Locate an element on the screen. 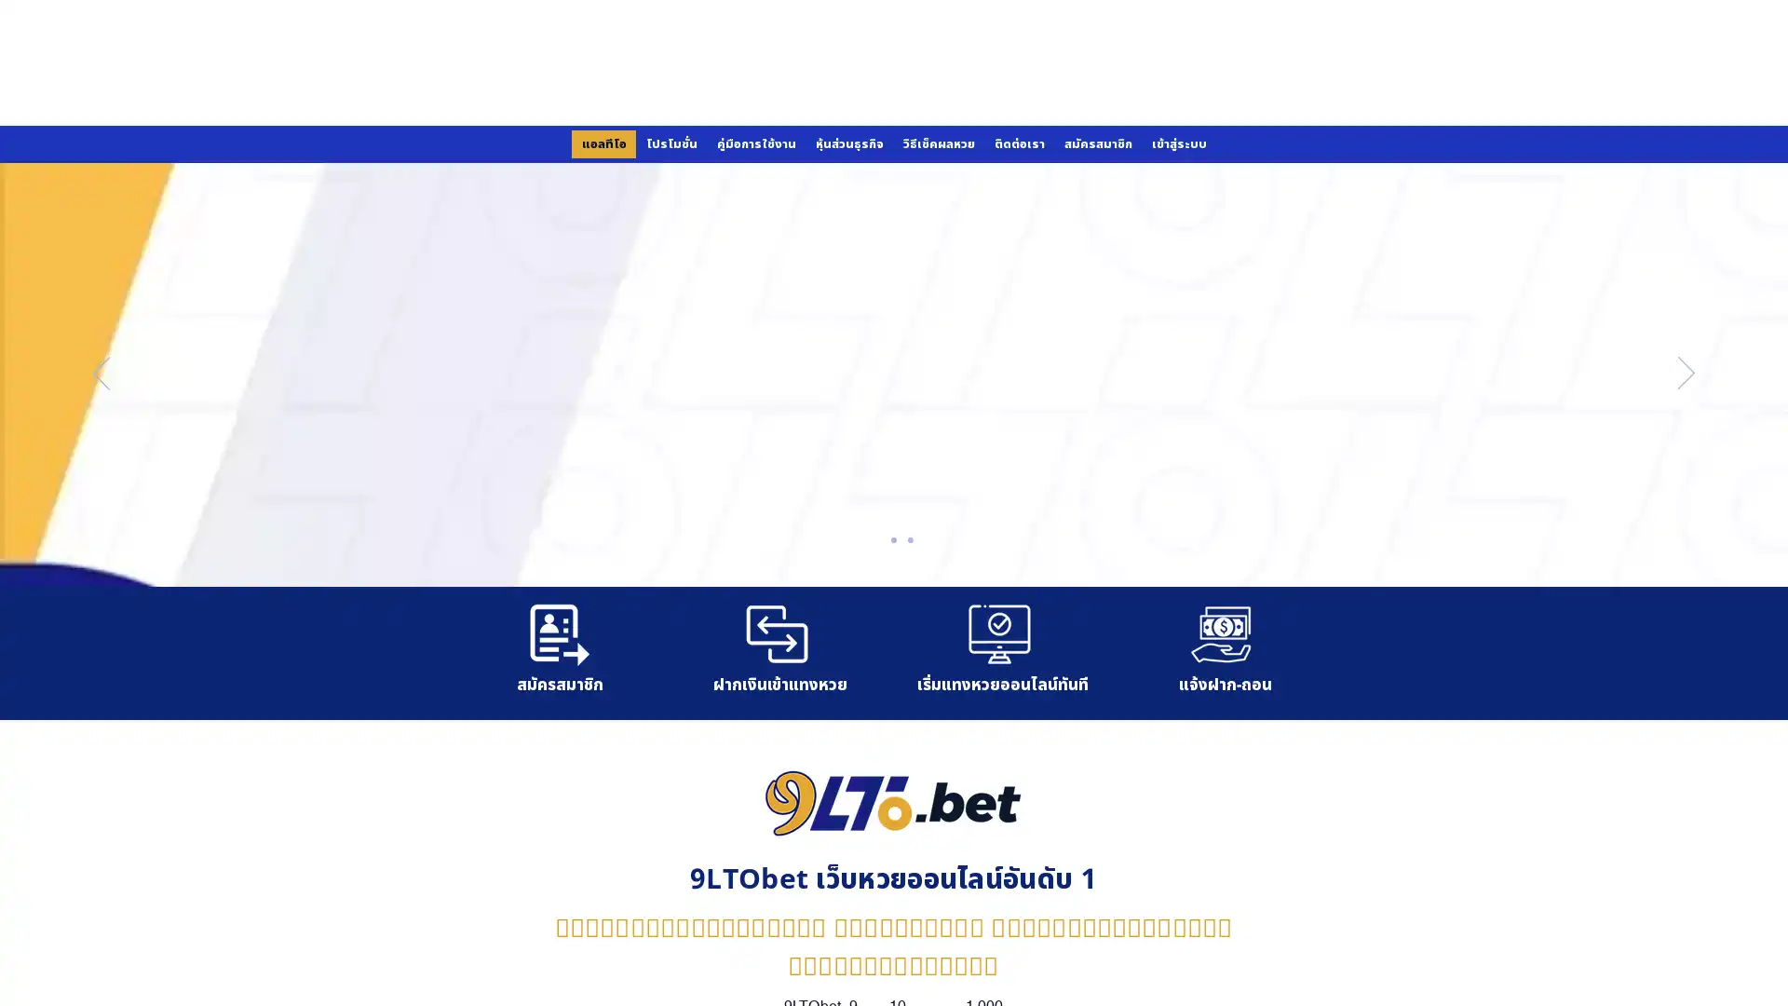 The image size is (1788, 1006). Previous is located at coordinates (101, 374).